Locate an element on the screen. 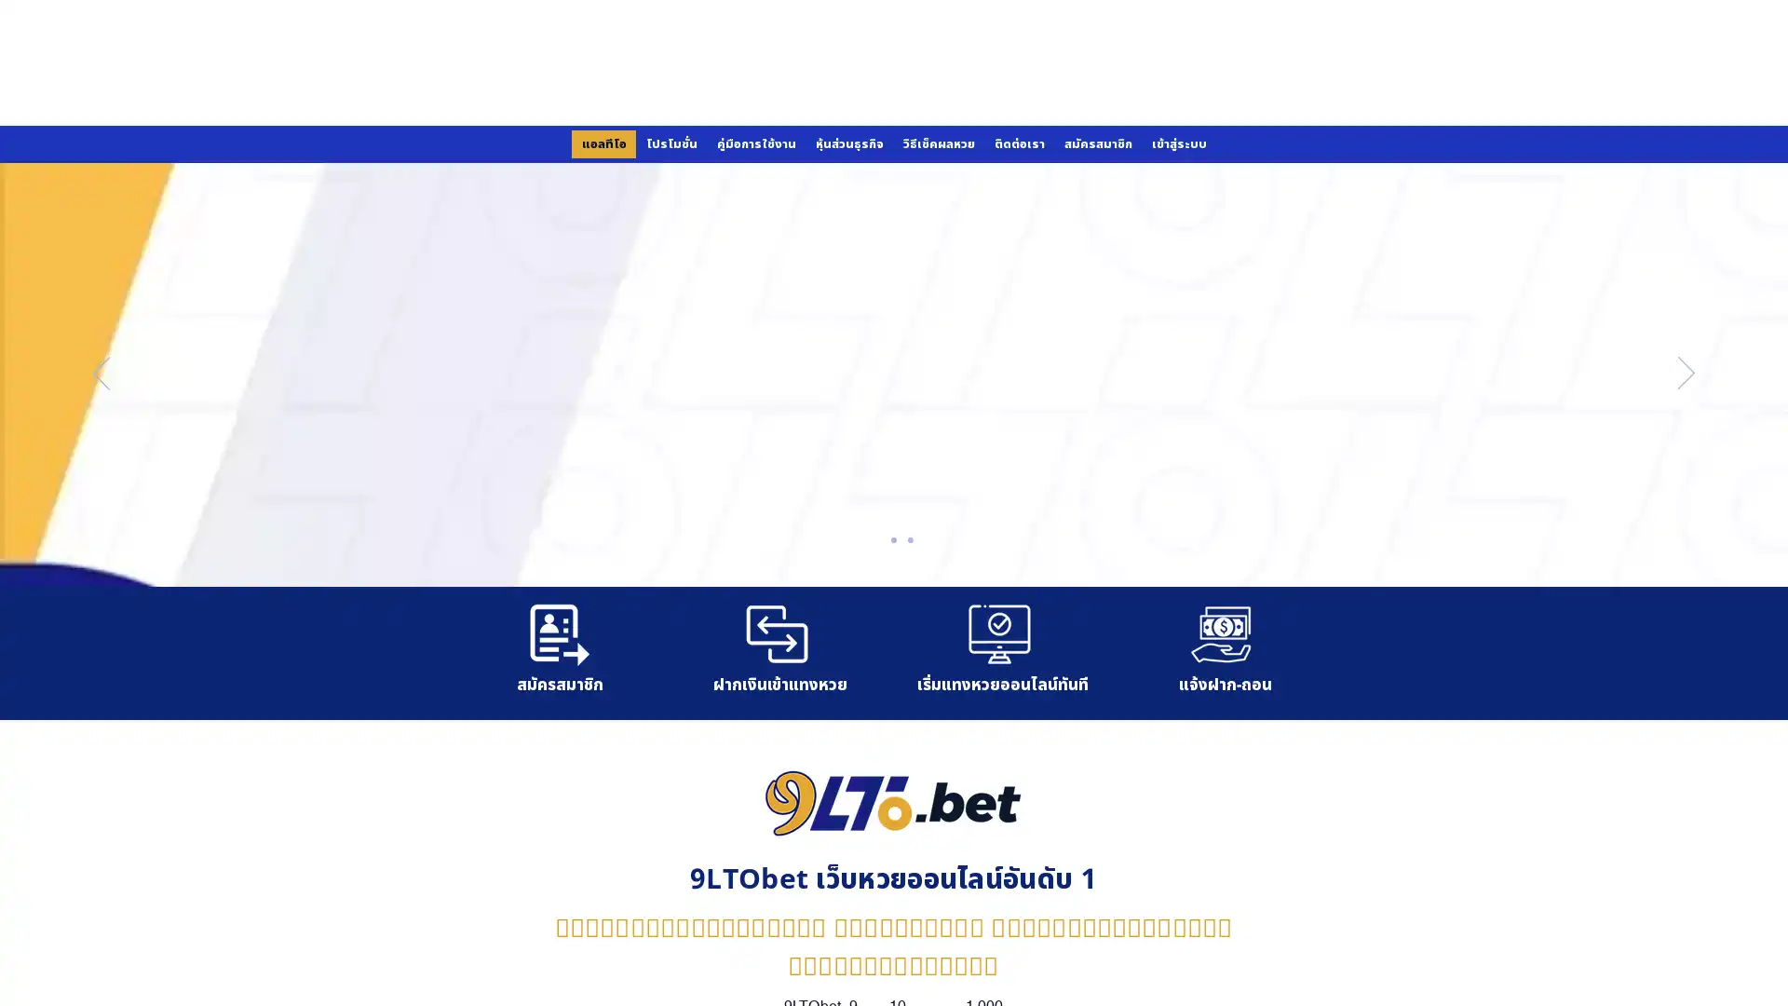 The image size is (1788, 1006). Previous is located at coordinates (101, 374).